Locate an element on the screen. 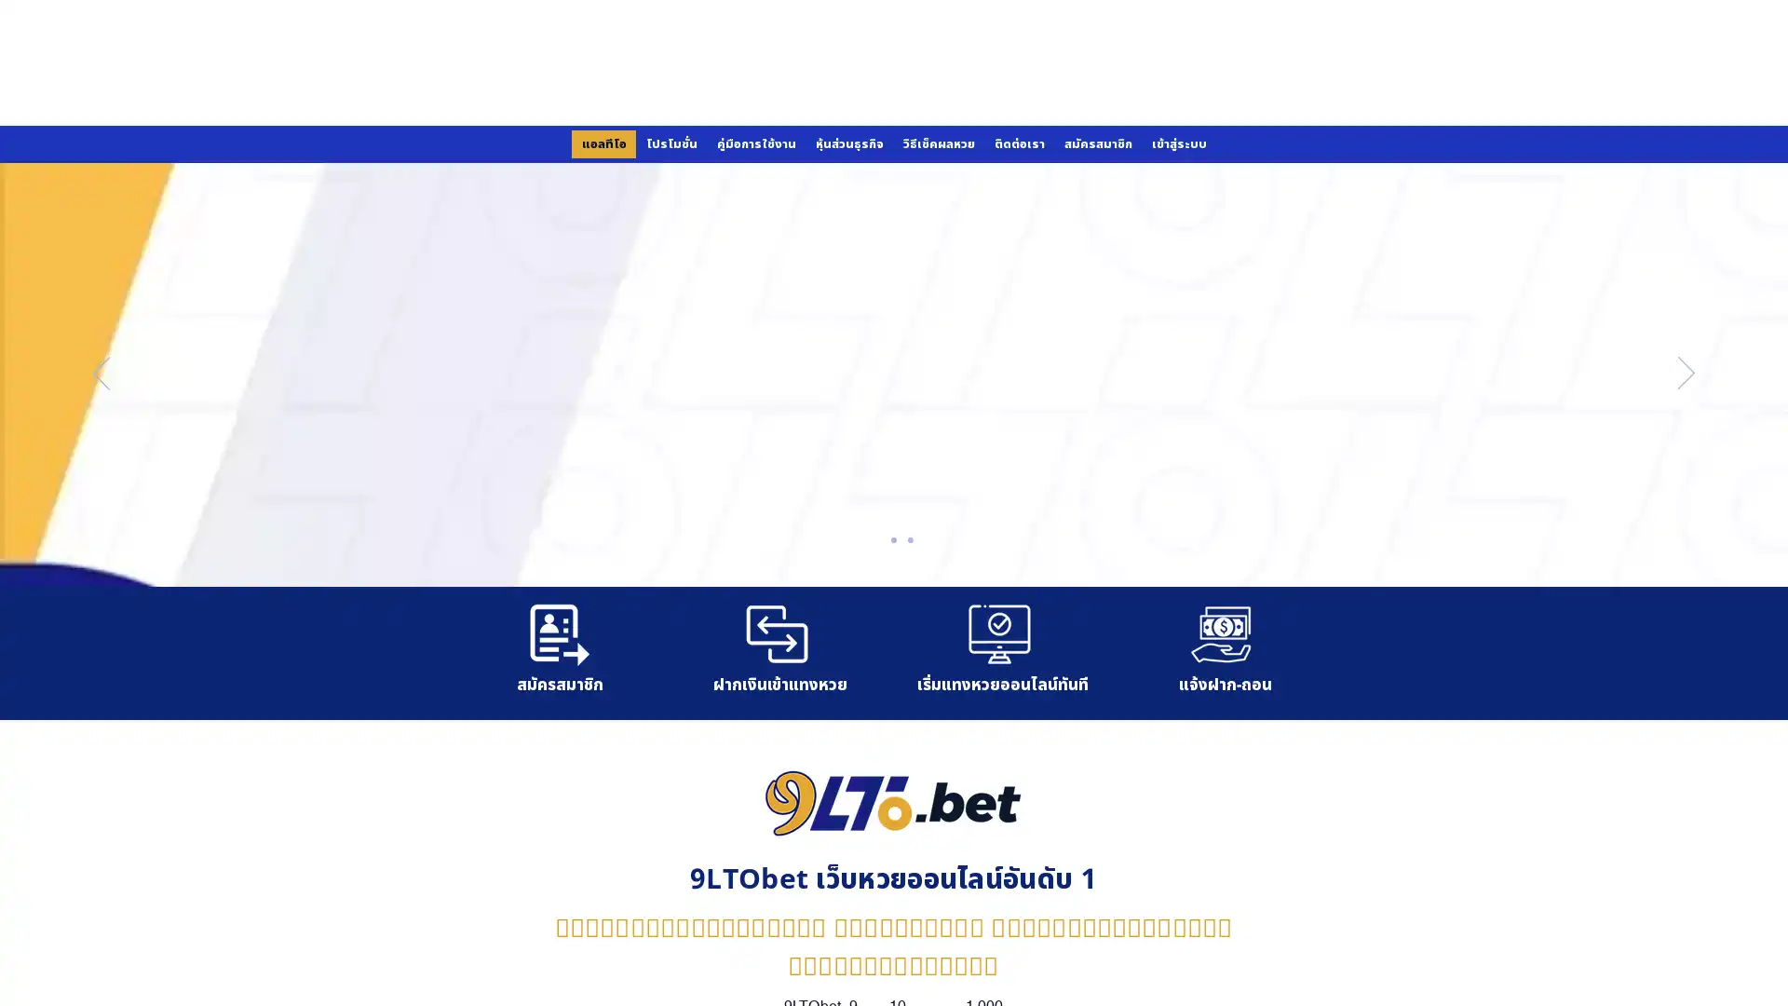 The image size is (1788, 1006). Previous is located at coordinates (101, 374).